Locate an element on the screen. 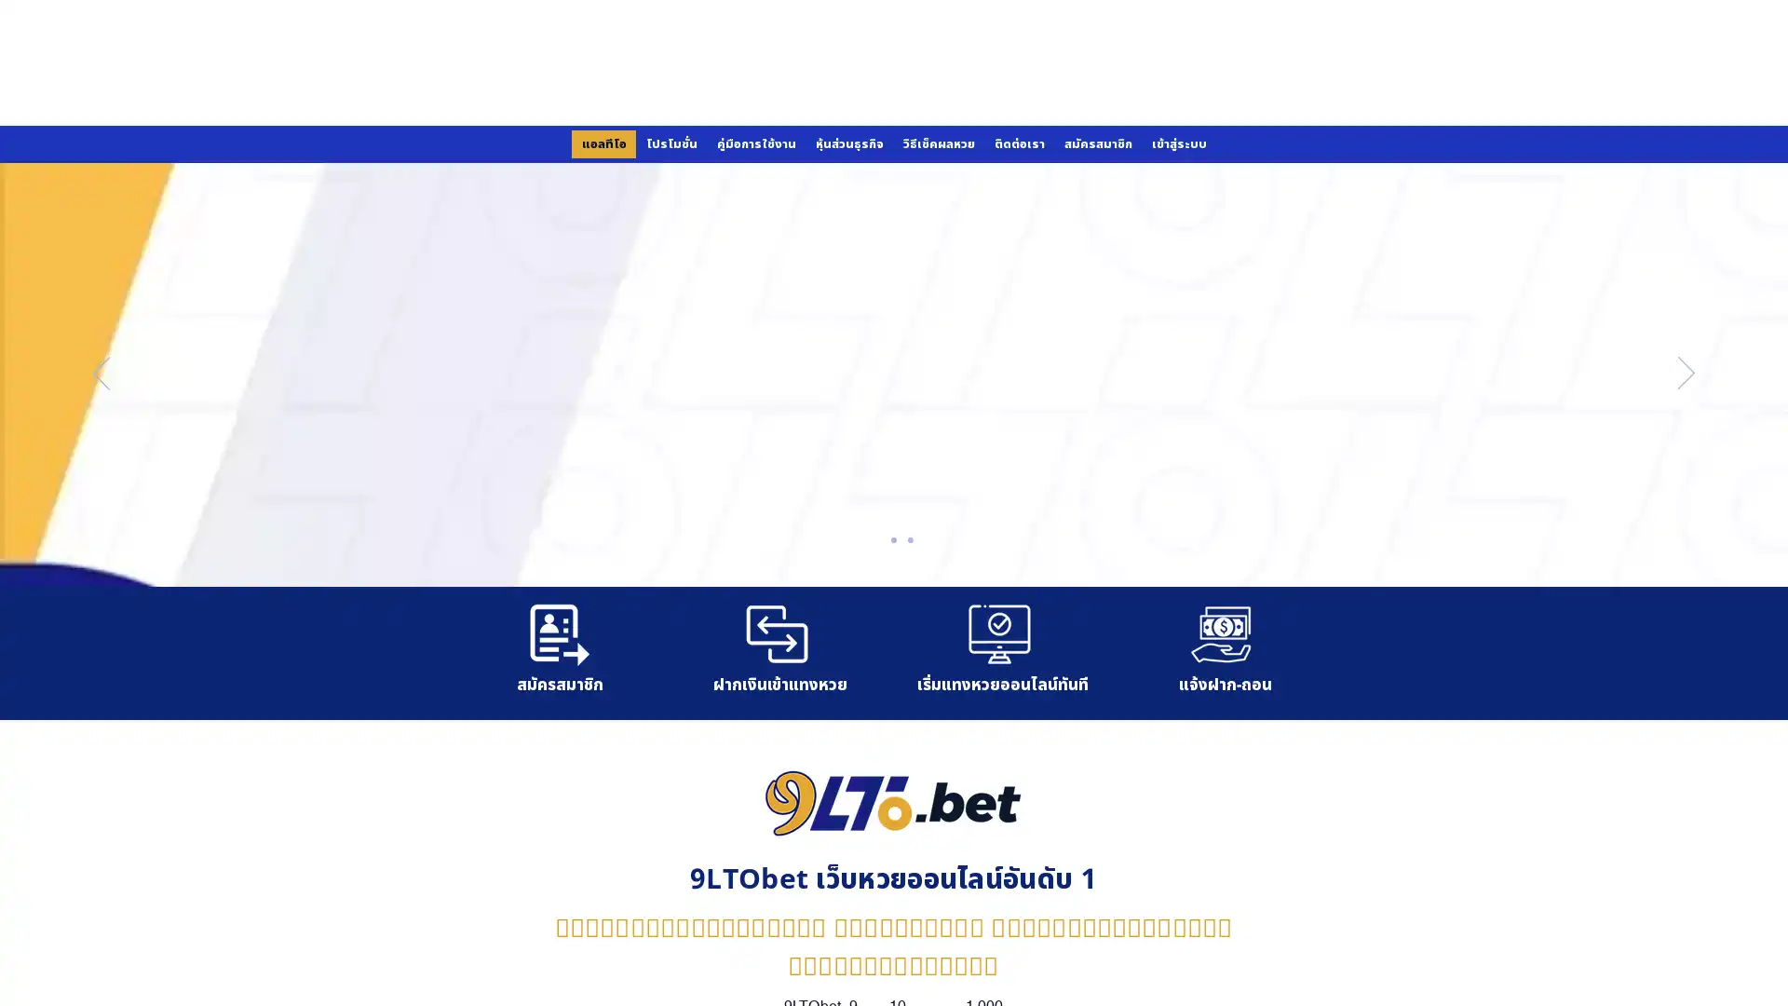 The image size is (1788, 1006). Previous is located at coordinates (101, 374).